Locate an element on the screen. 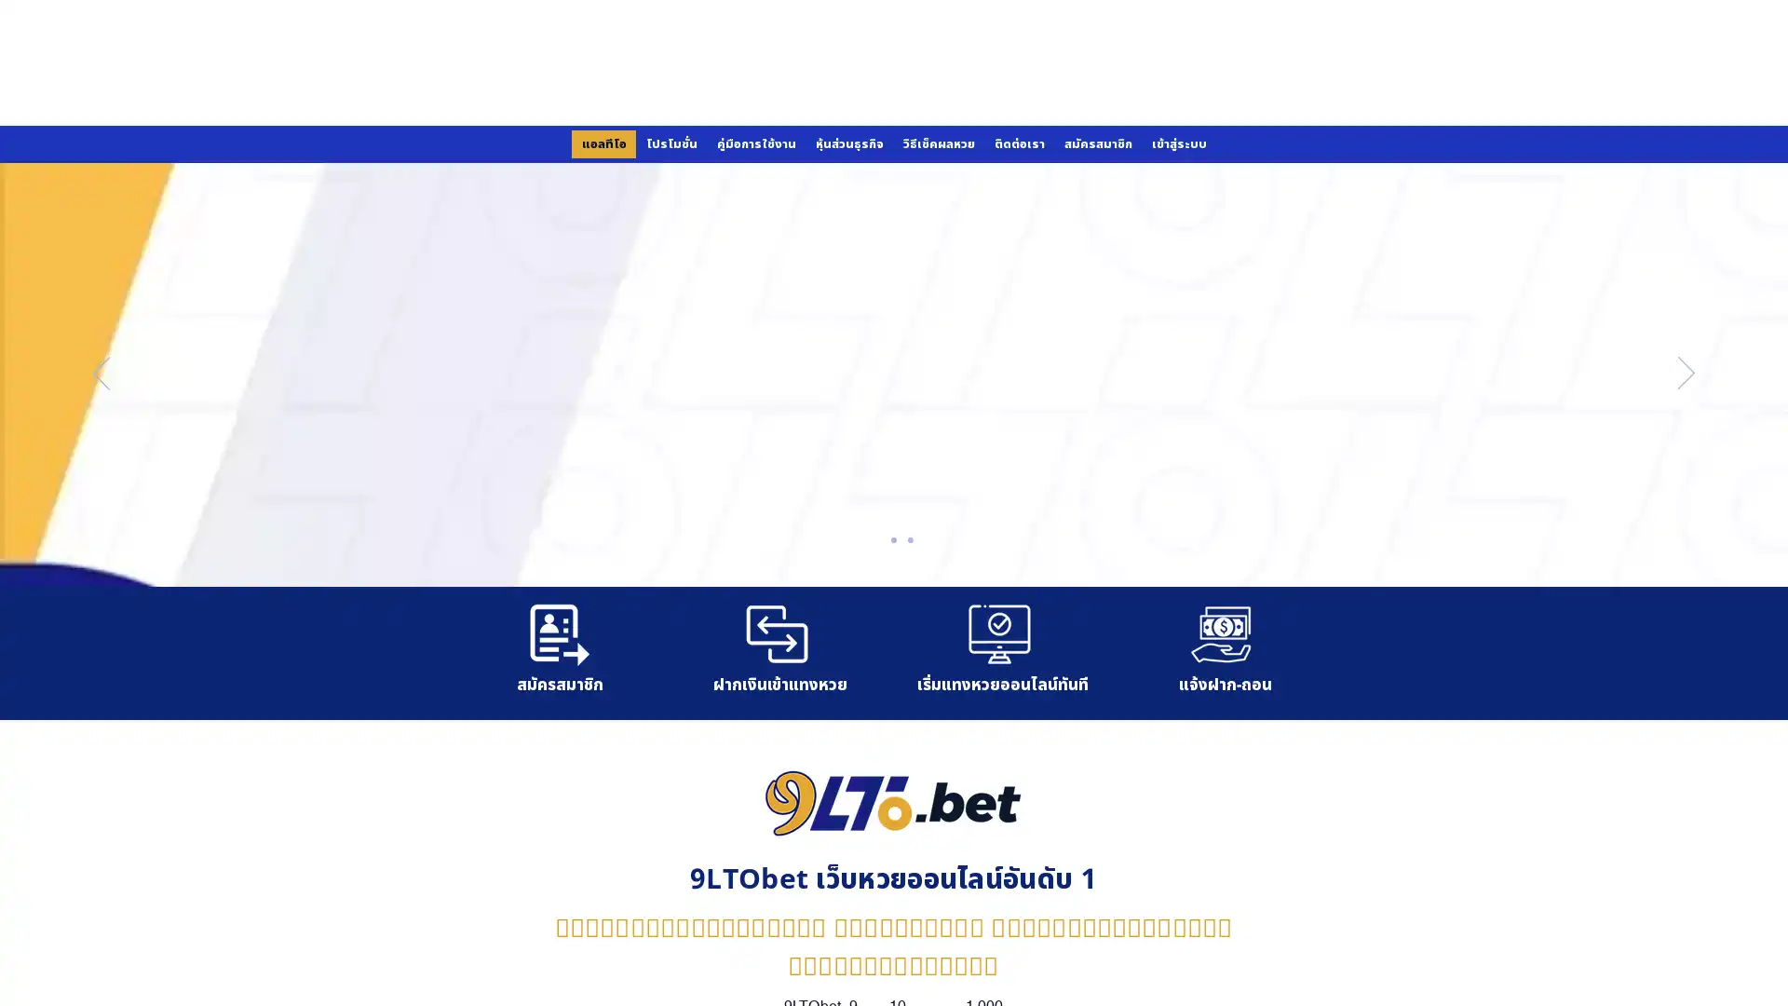 The image size is (1788, 1006). Previous is located at coordinates (101, 374).